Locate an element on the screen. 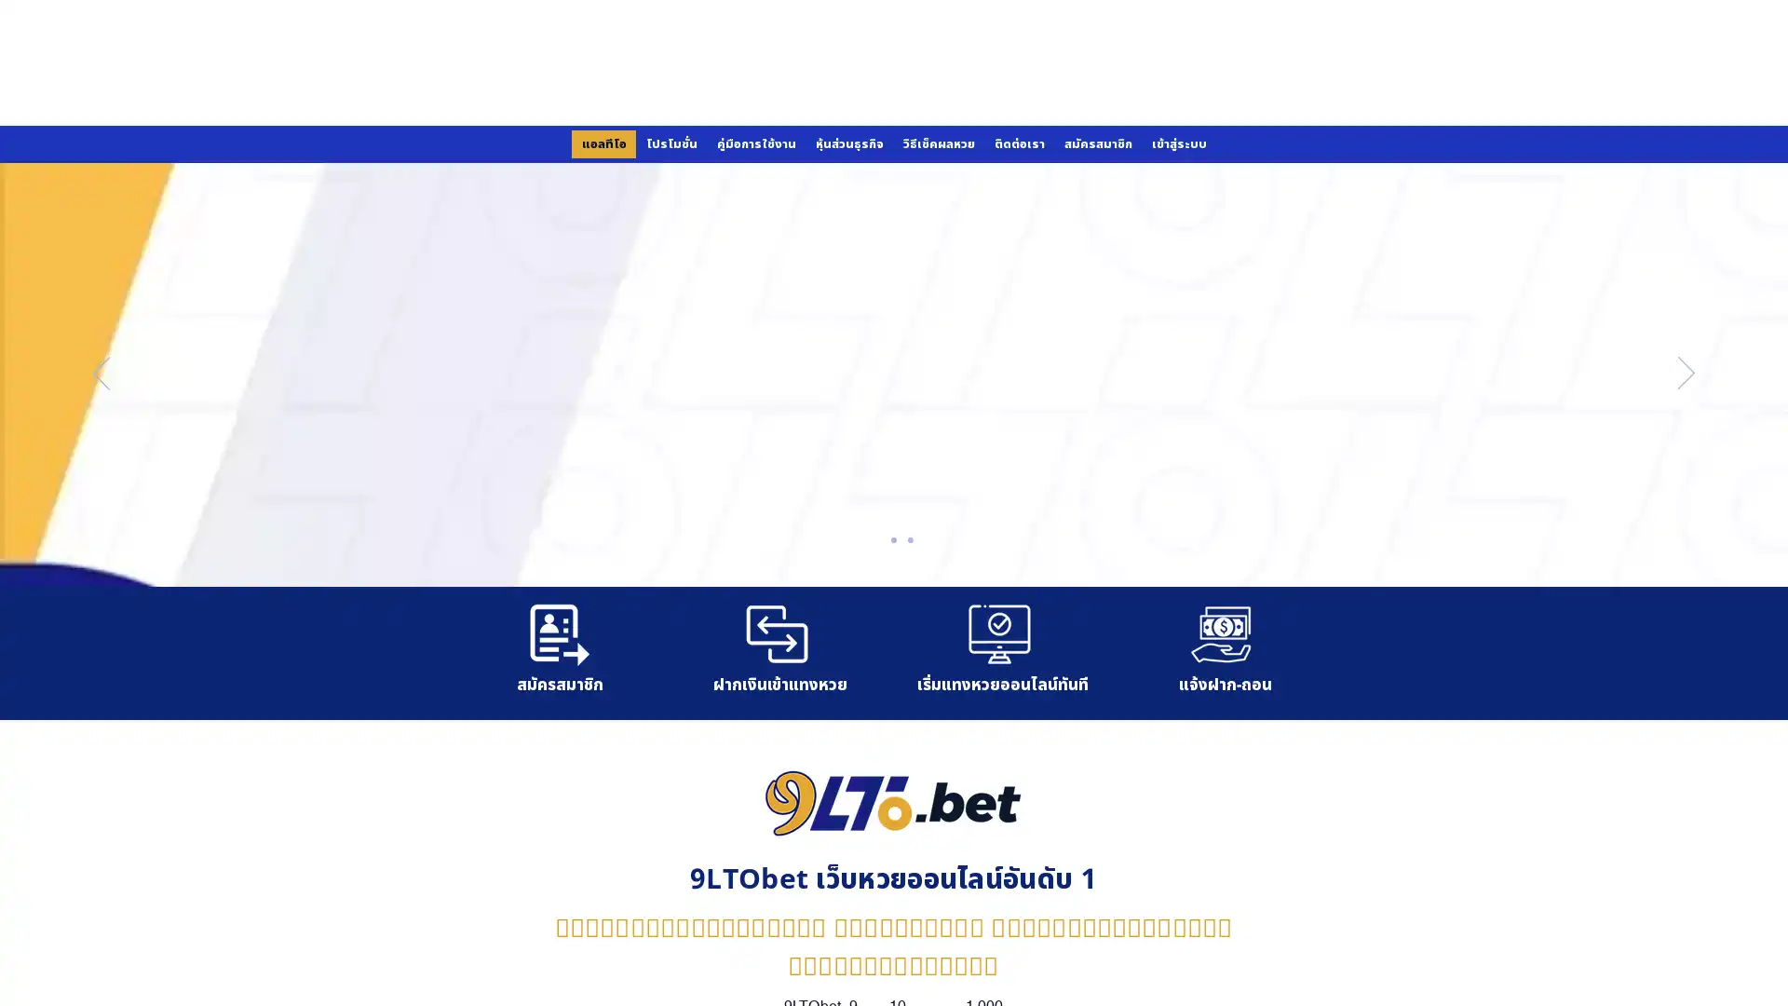 The image size is (1788, 1006). Previous is located at coordinates (101, 374).